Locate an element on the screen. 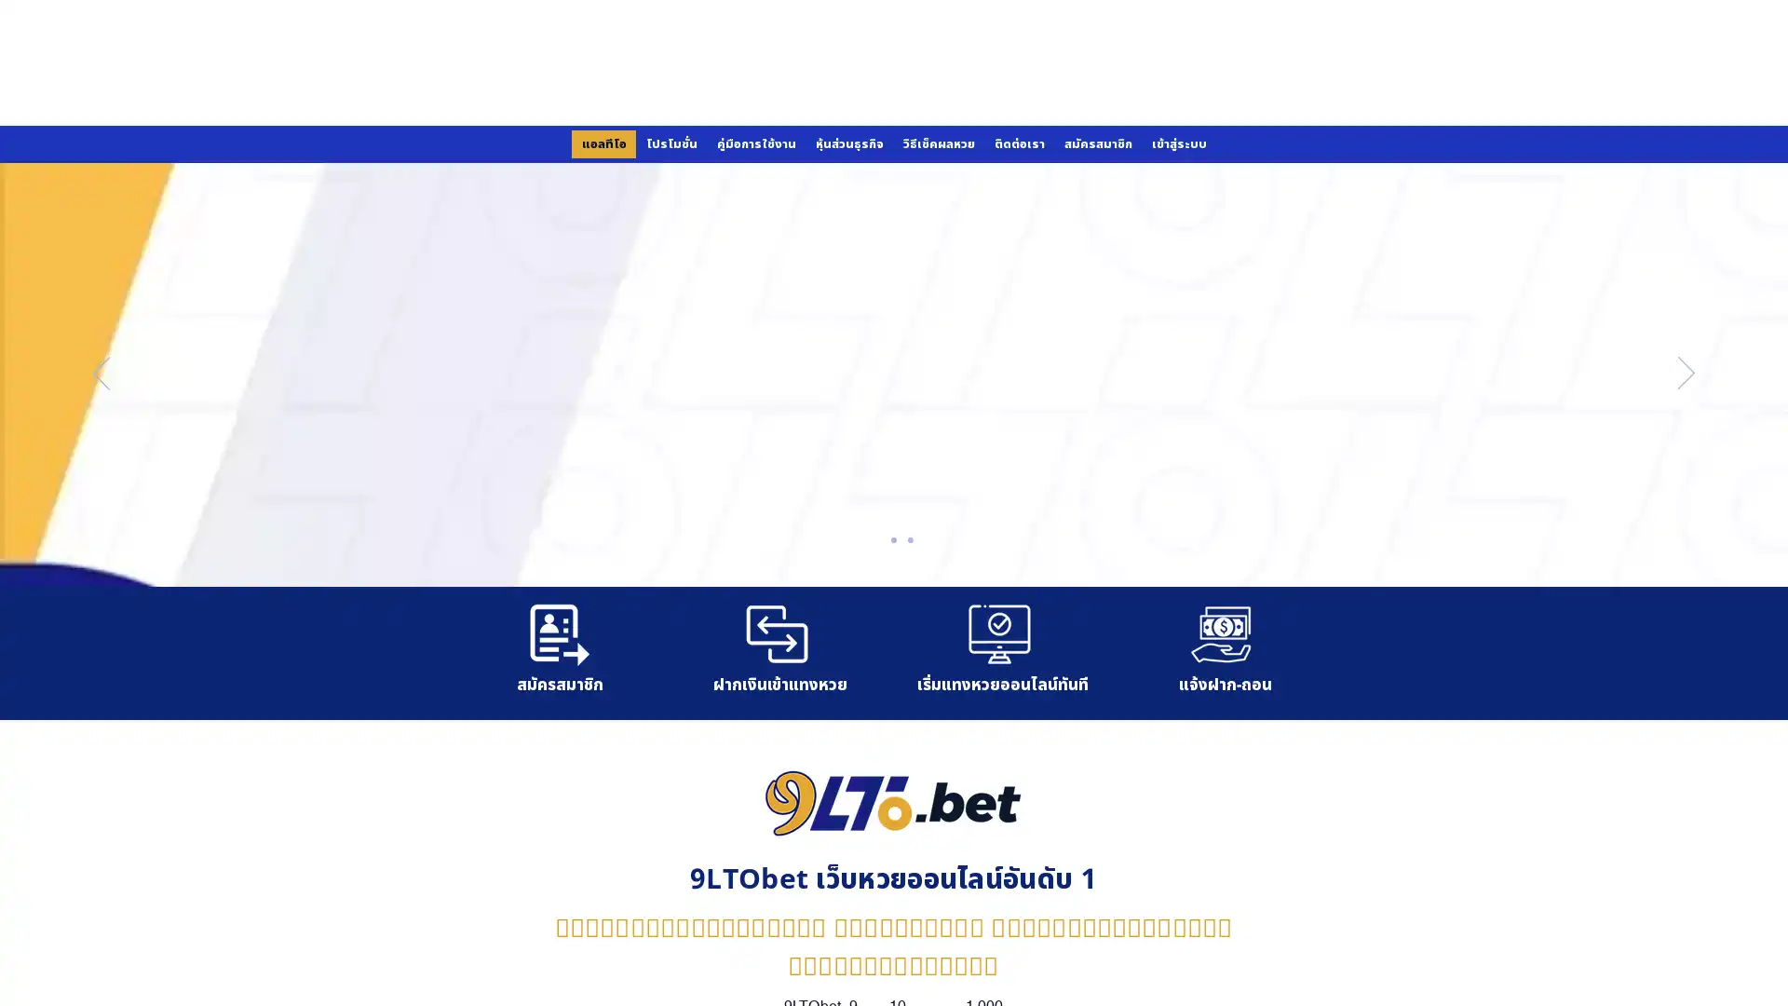 The image size is (1788, 1006). Previous is located at coordinates (101, 374).